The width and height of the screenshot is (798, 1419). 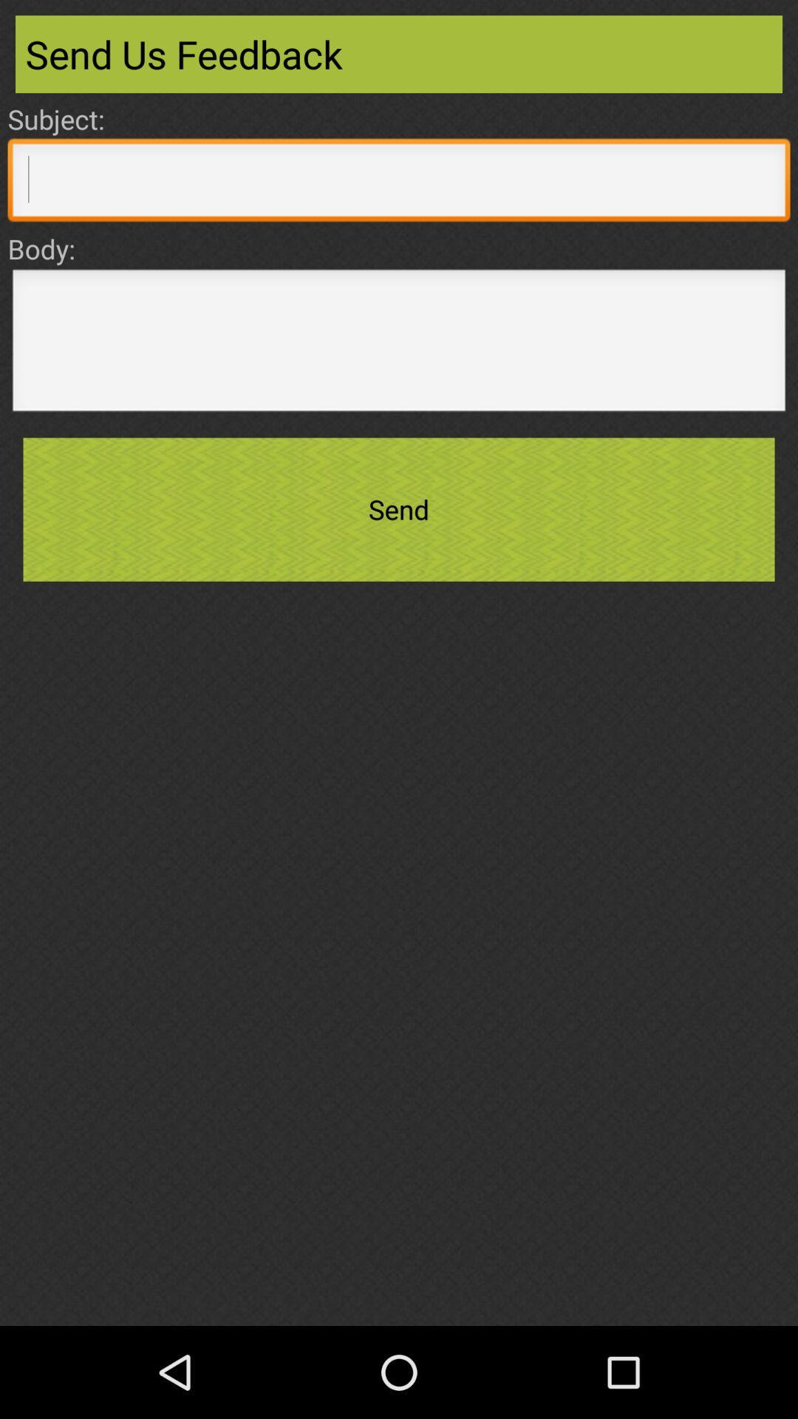 I want to click on text content, so click(x=399, y=344).